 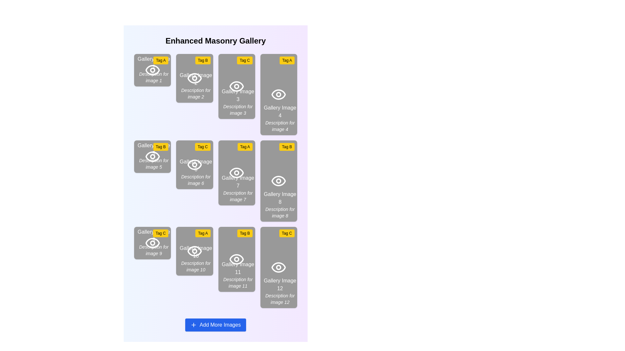 I want to click on the top-right tag badge of the gallery item card located in the third row, first column of the grid, so click(x=152, y=243).